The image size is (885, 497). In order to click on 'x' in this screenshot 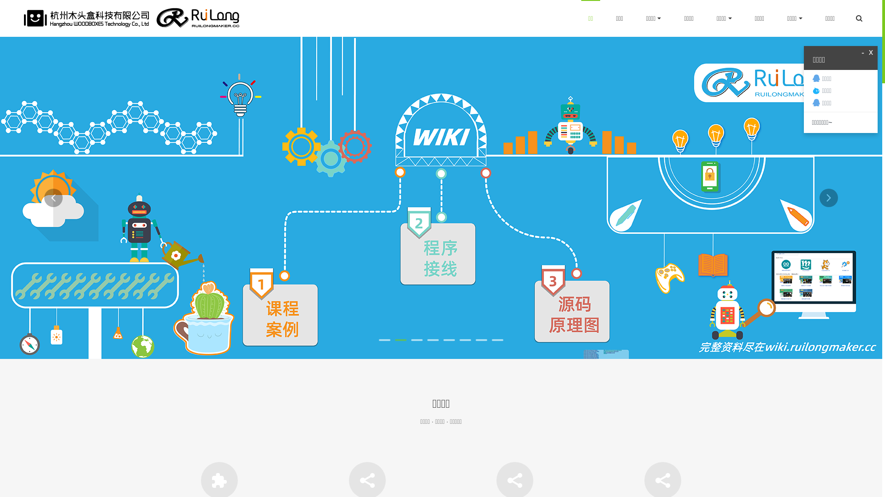, I will do `click(870, 52)`.